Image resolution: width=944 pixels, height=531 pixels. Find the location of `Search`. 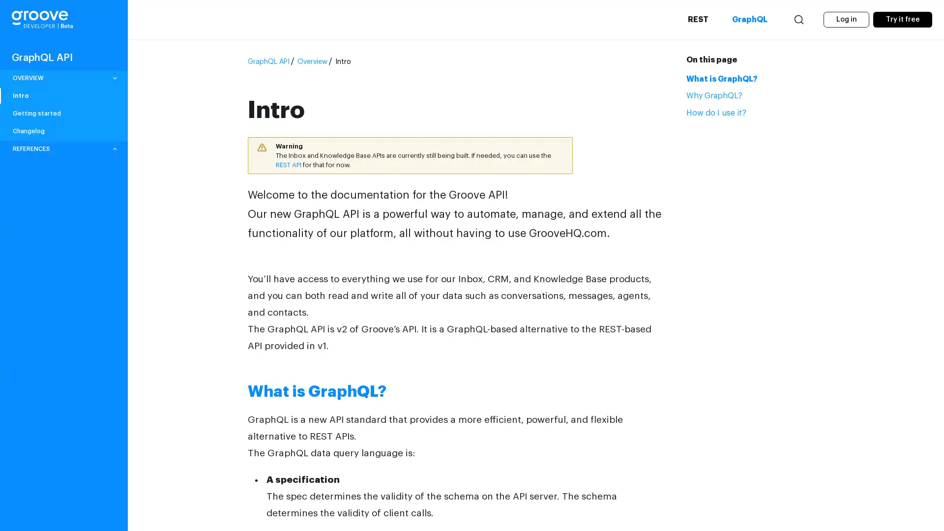

Search is located at coordinates (797, 19).